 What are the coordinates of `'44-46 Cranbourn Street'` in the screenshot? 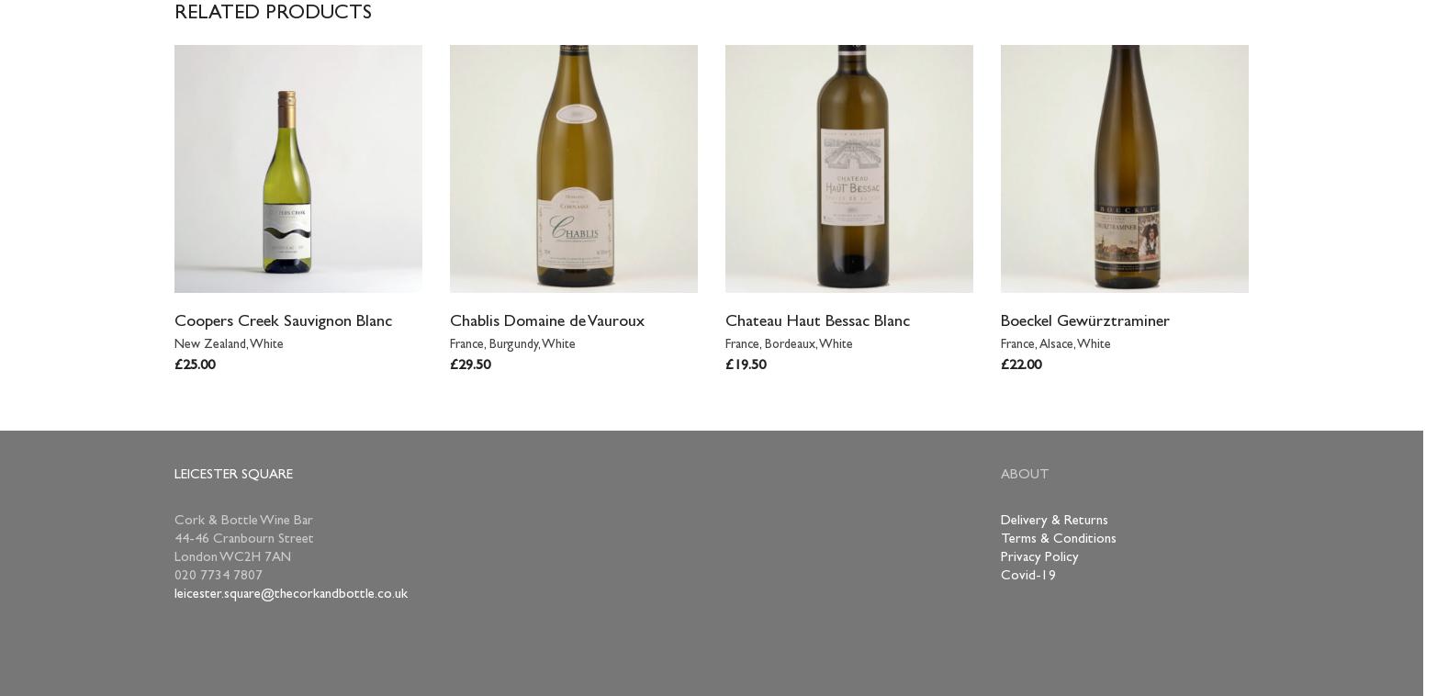 It's located at (243, 540).